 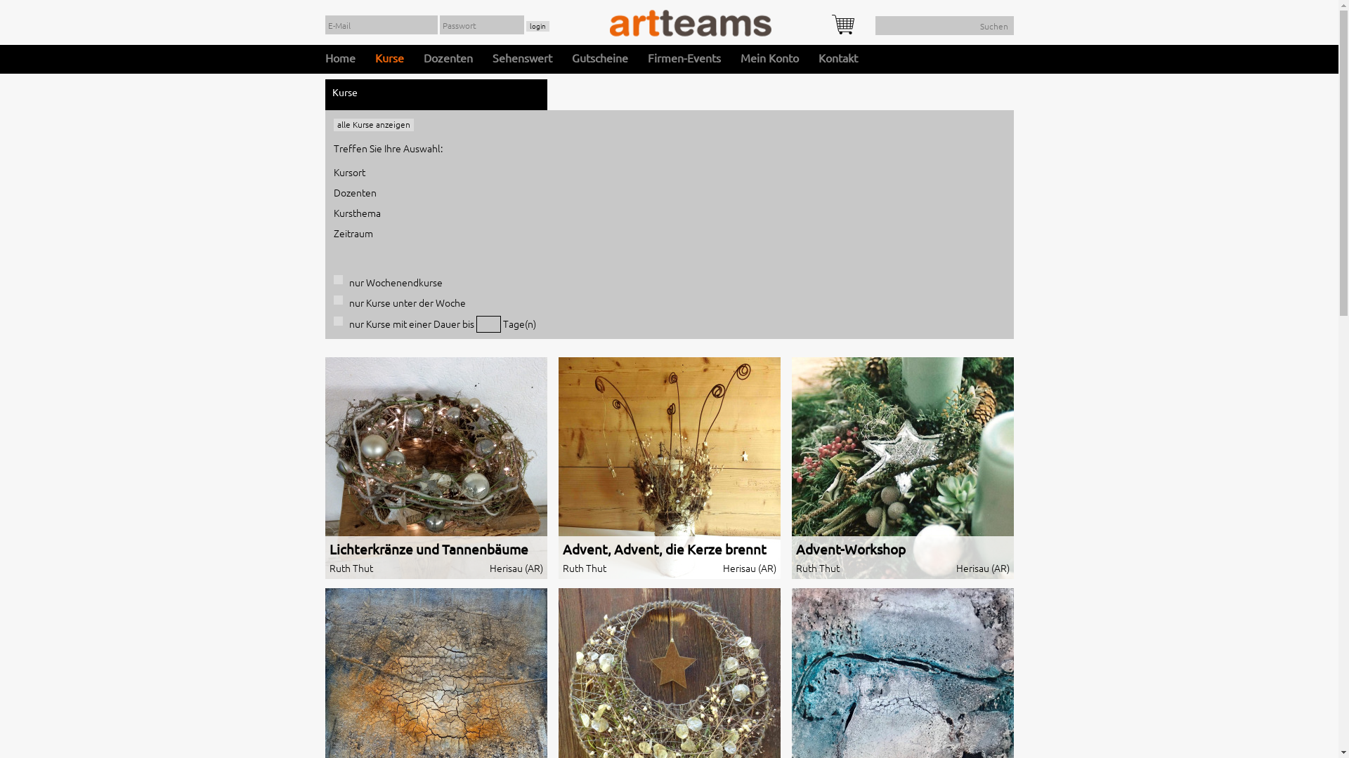 I want to click on 'Kontakt', so click(x=837, y=58).